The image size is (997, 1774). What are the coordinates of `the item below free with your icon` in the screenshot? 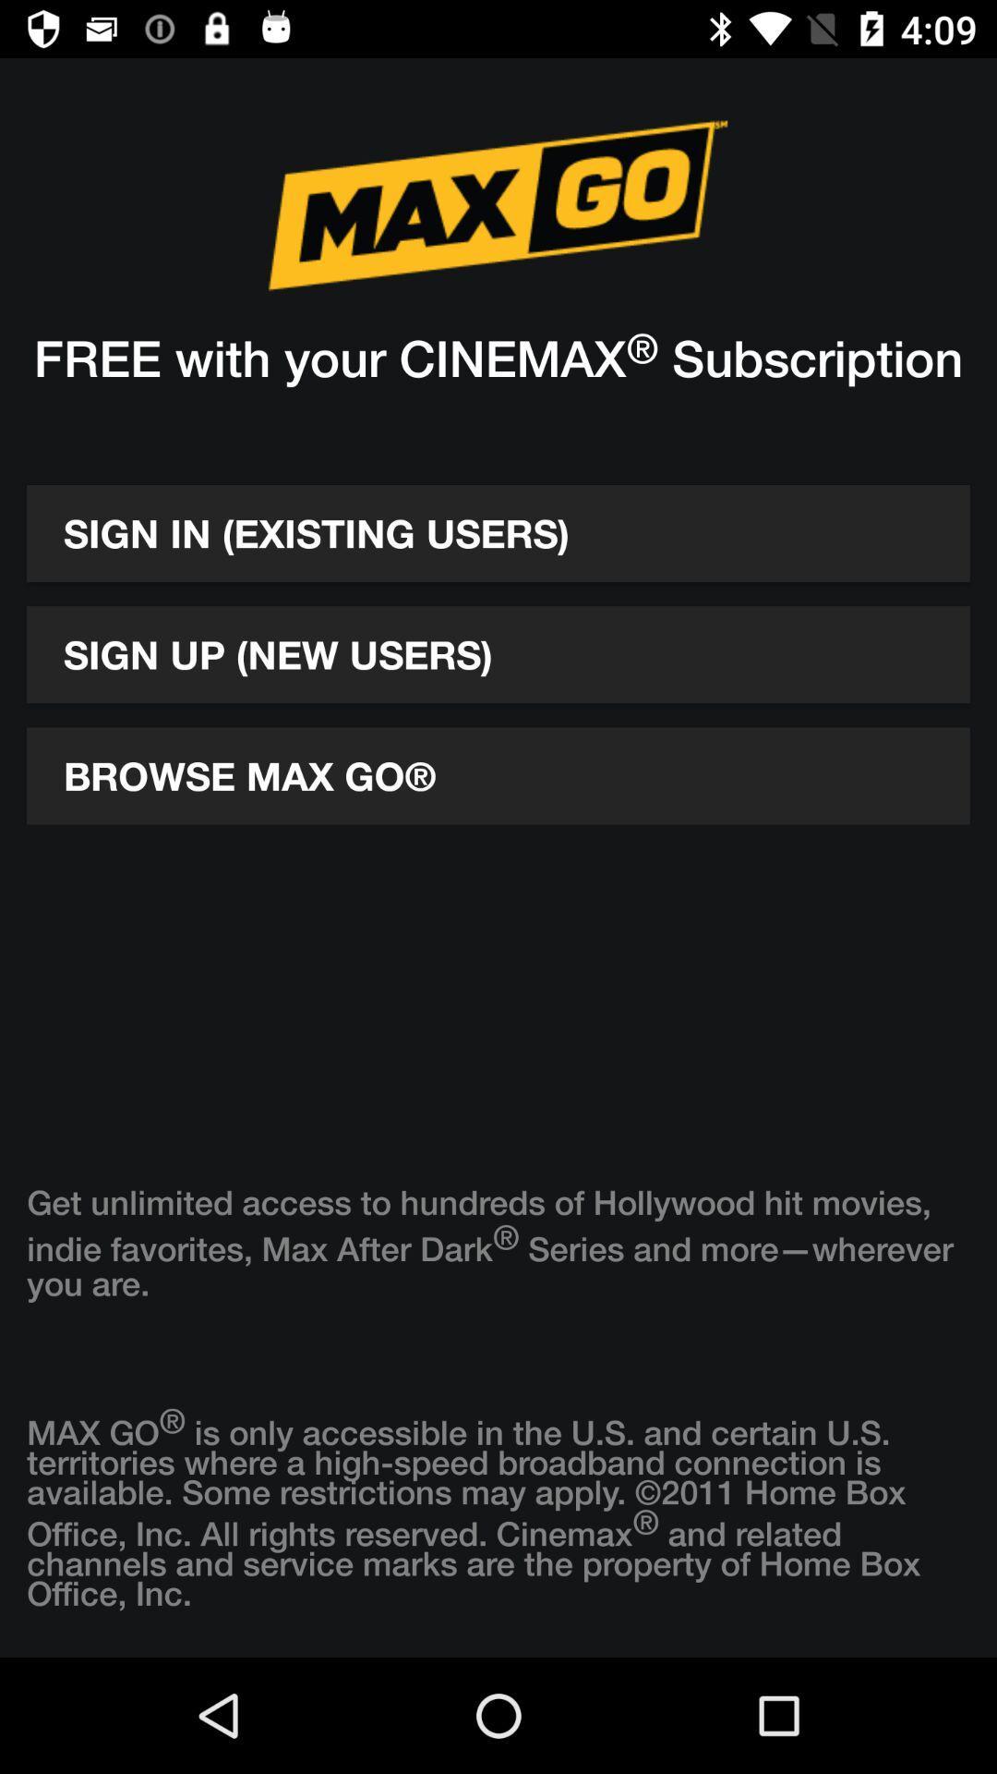 It's located at (498, 532).